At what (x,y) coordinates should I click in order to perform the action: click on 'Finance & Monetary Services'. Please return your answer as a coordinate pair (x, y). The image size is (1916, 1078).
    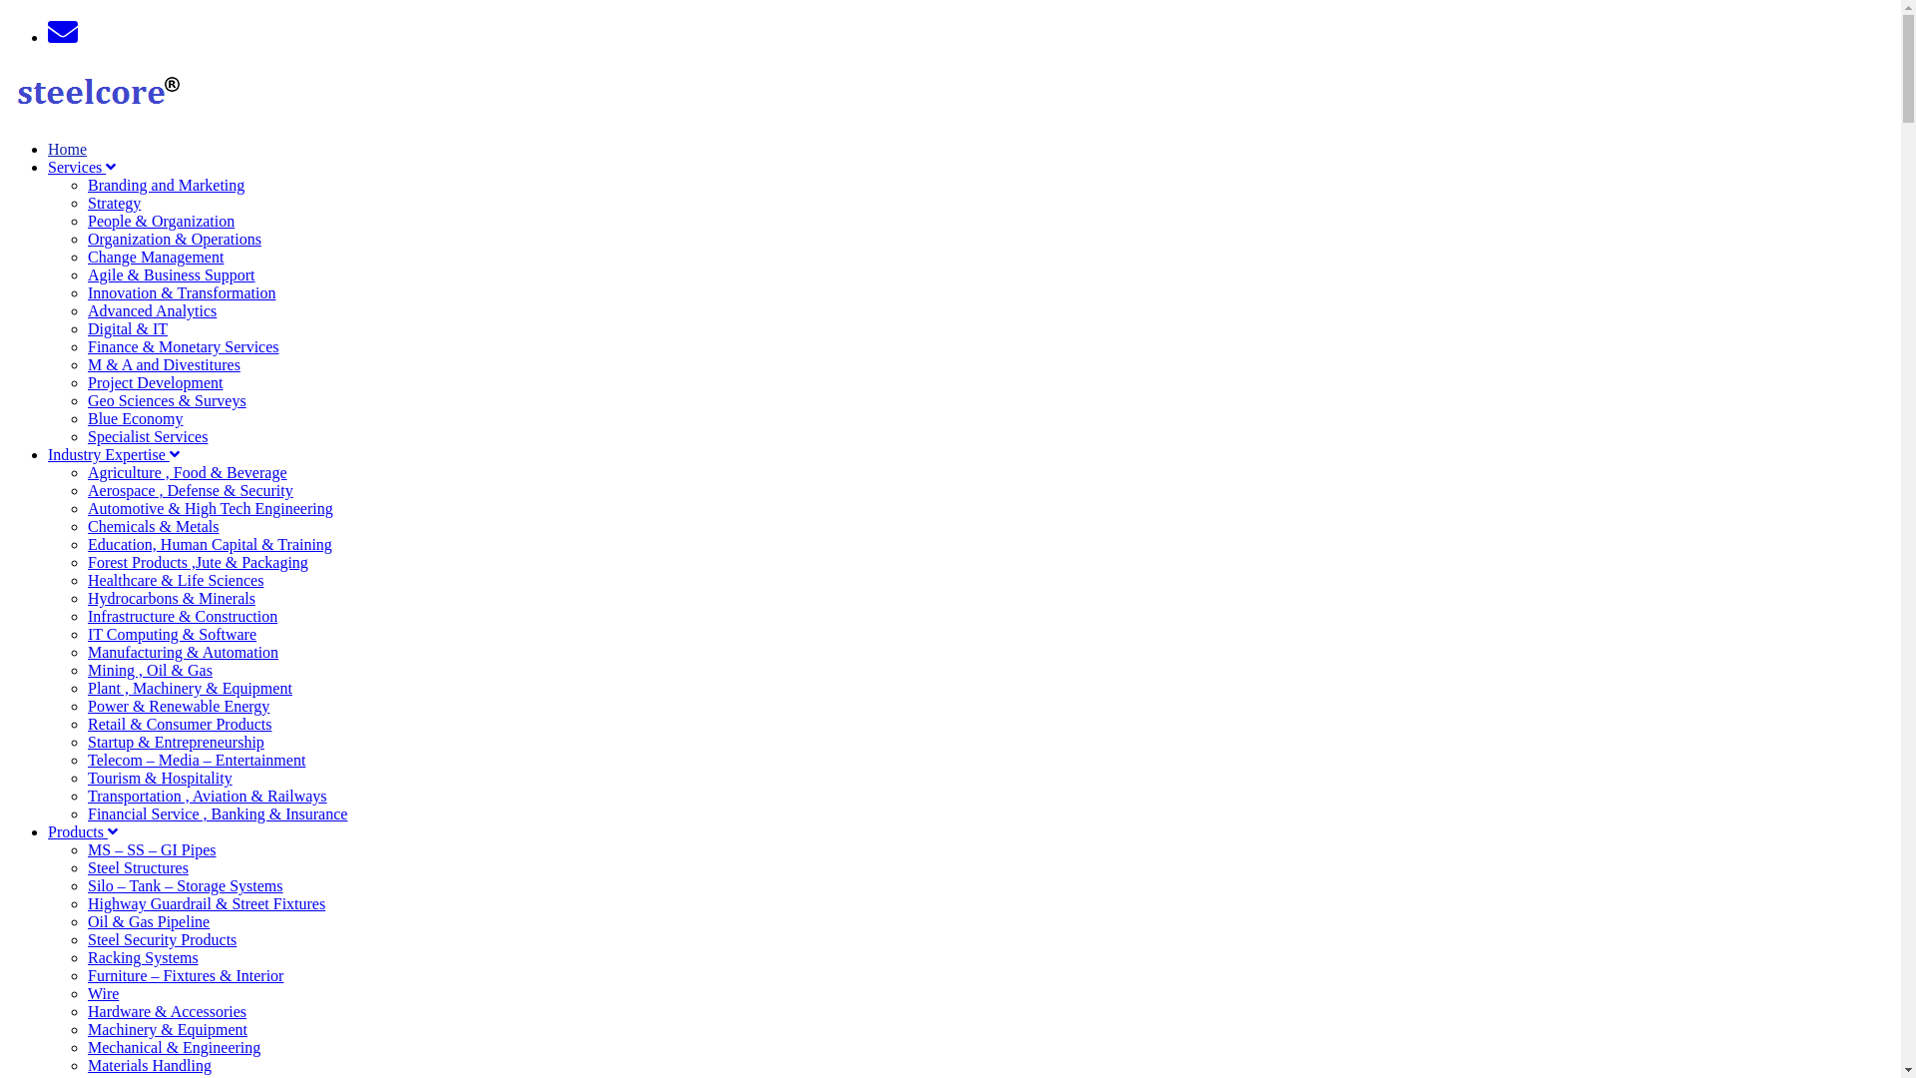
    Looking at the image, I should click on (183, 345).